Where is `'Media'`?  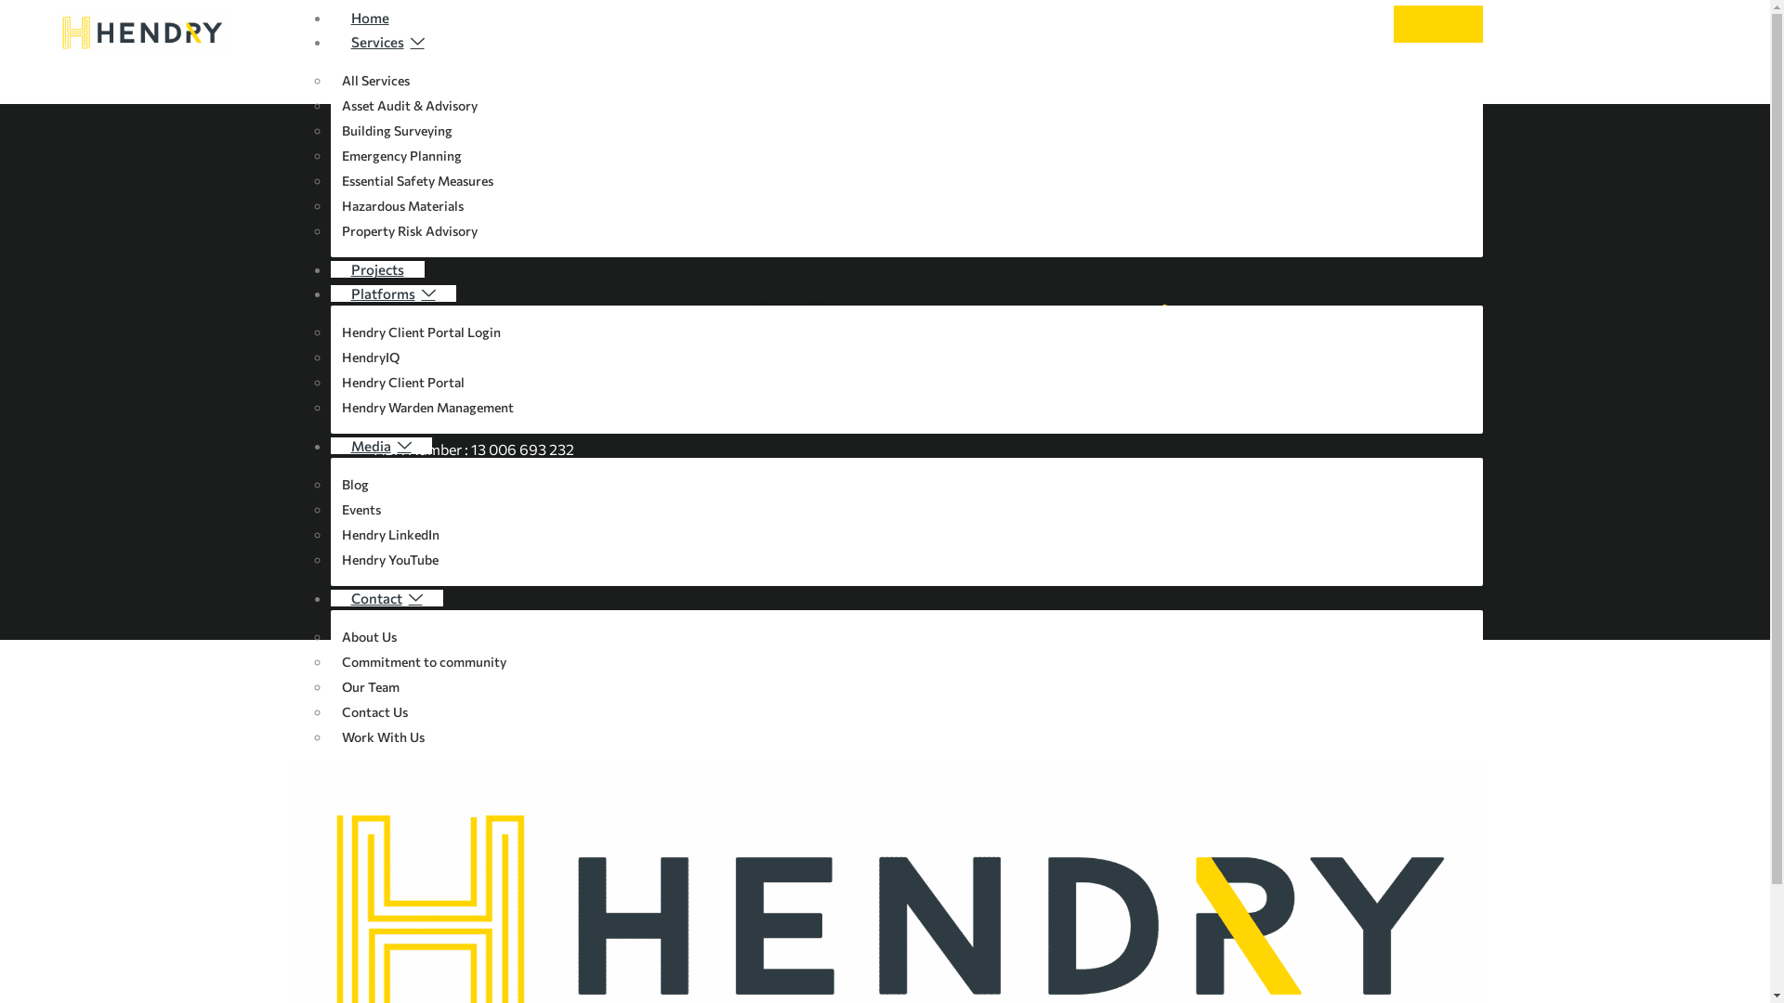 'Media' is located at coordinates (380, 445).